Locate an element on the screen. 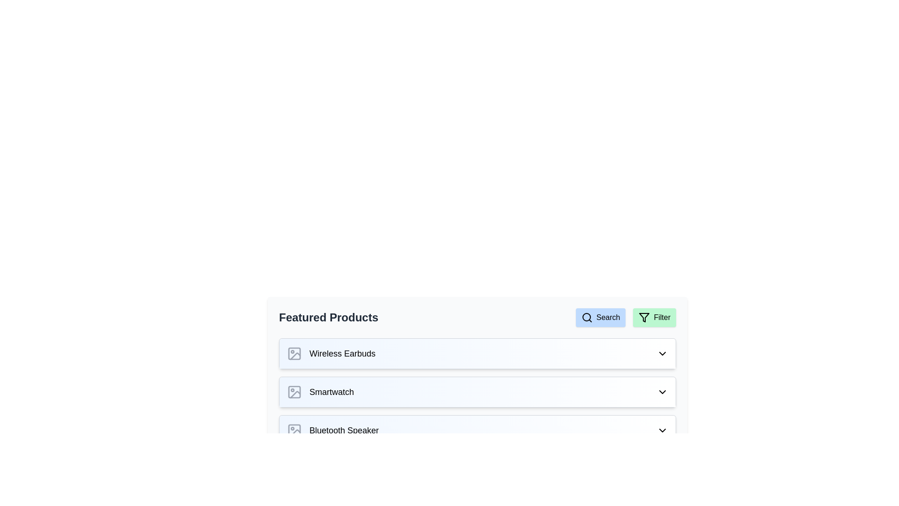 The image size is (899, 506). the text element displaying 'Wireless Earbuds' in the 'Featured Products' section, which is the first item in the list and is visually distinguishable due to its bold and enlarged font style is located at coordinates (342, 354).